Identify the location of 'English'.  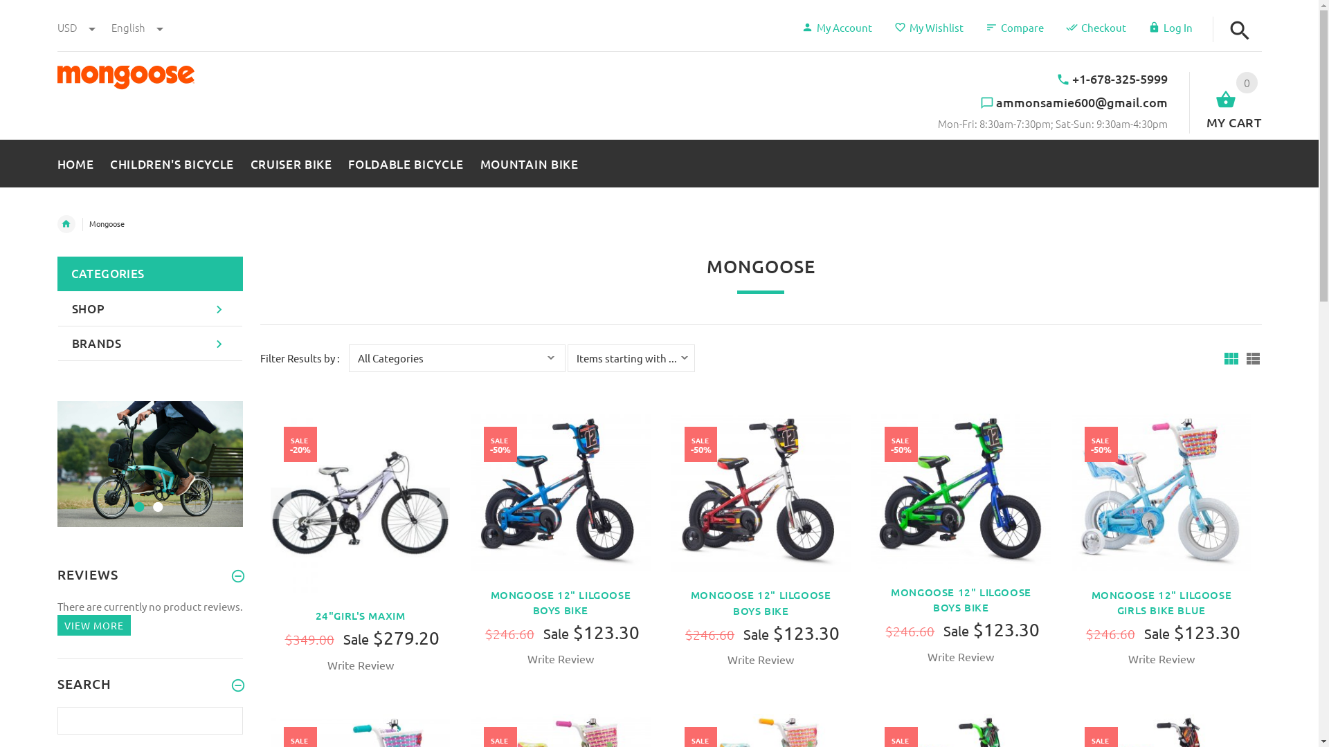
(109, 27).